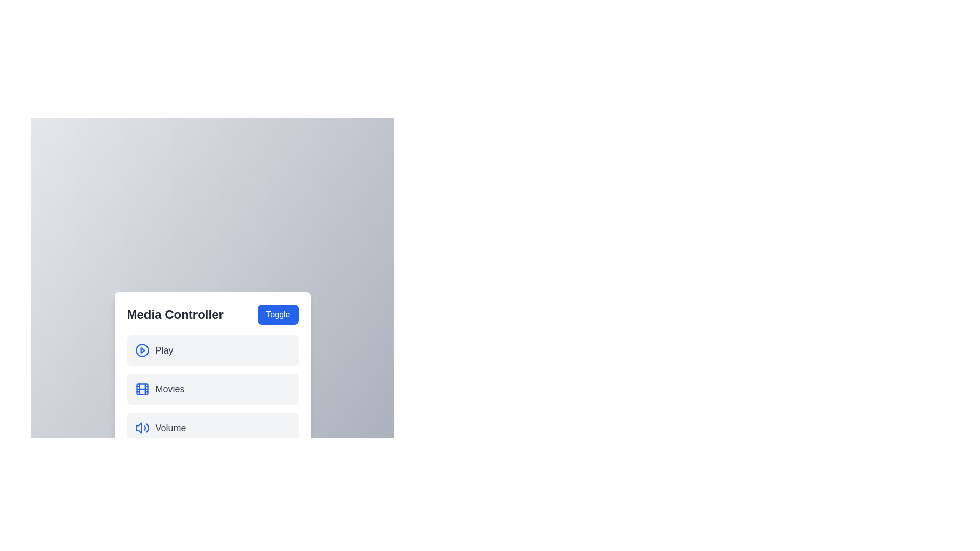  I want to click on the icon corresponding to the Play menu item, so click(141, 349).